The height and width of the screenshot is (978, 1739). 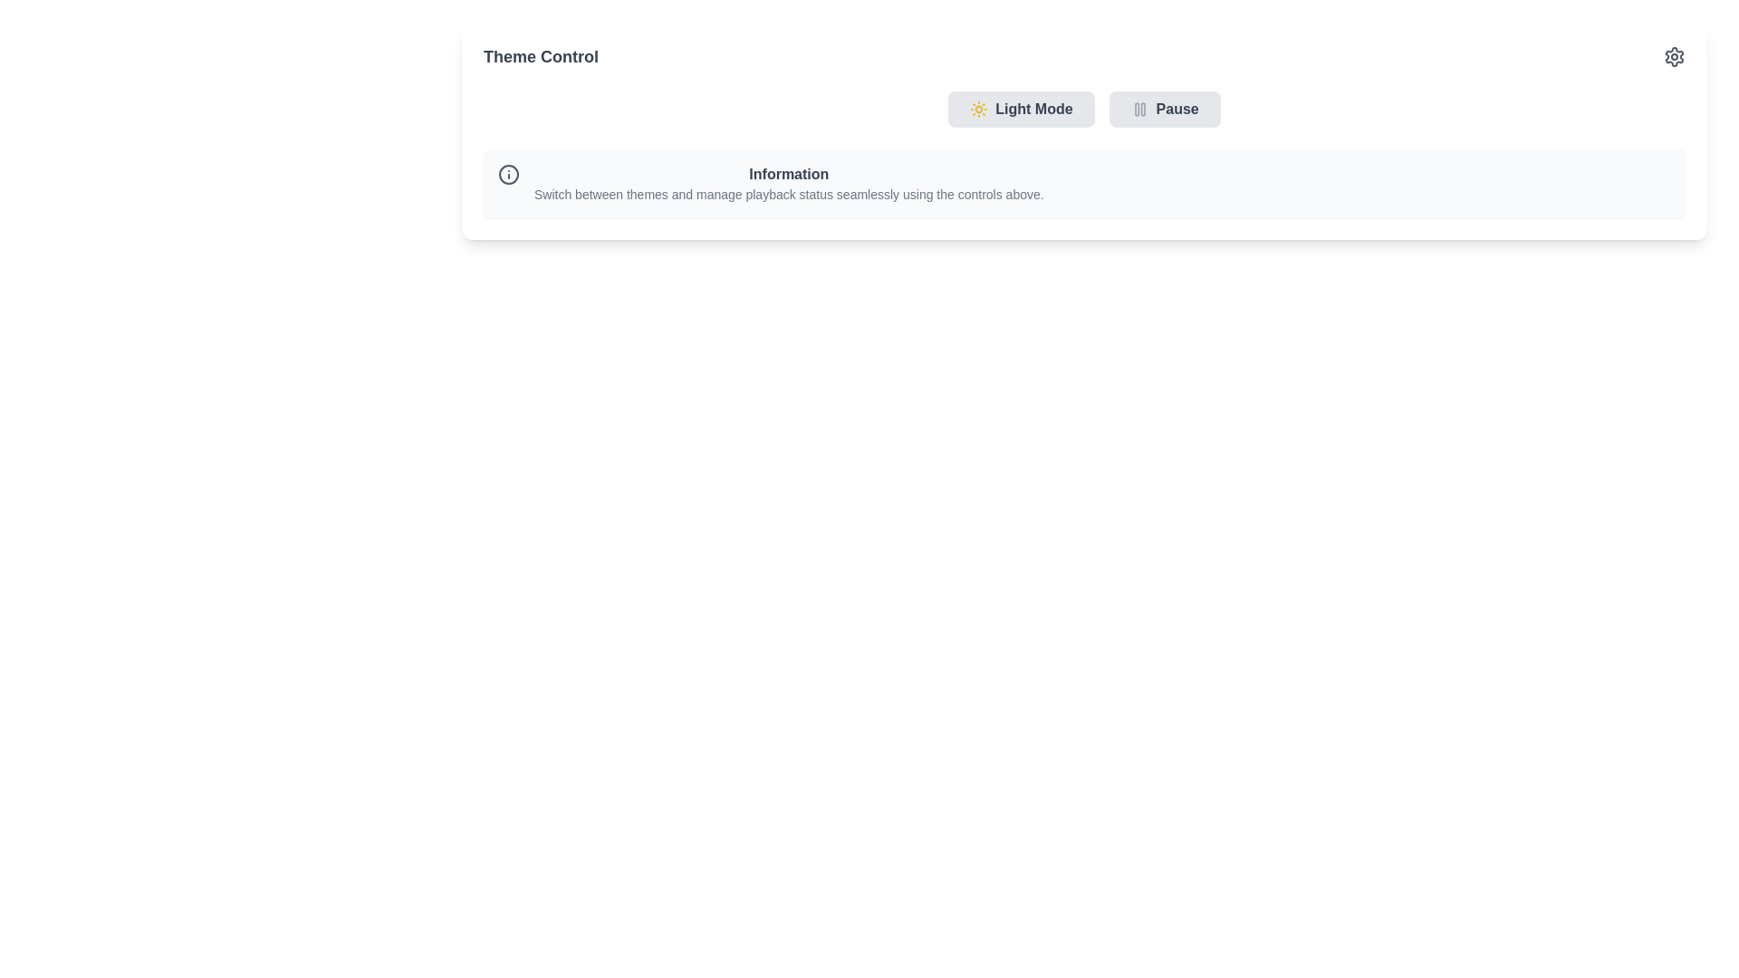 What do you see at coordinates (1141, 109) in the screenshot?
I see `the right-hand side graphical component of the pause icon, which is located to the right of the 'Light Mode' button` at bounding box center [1141, 109].